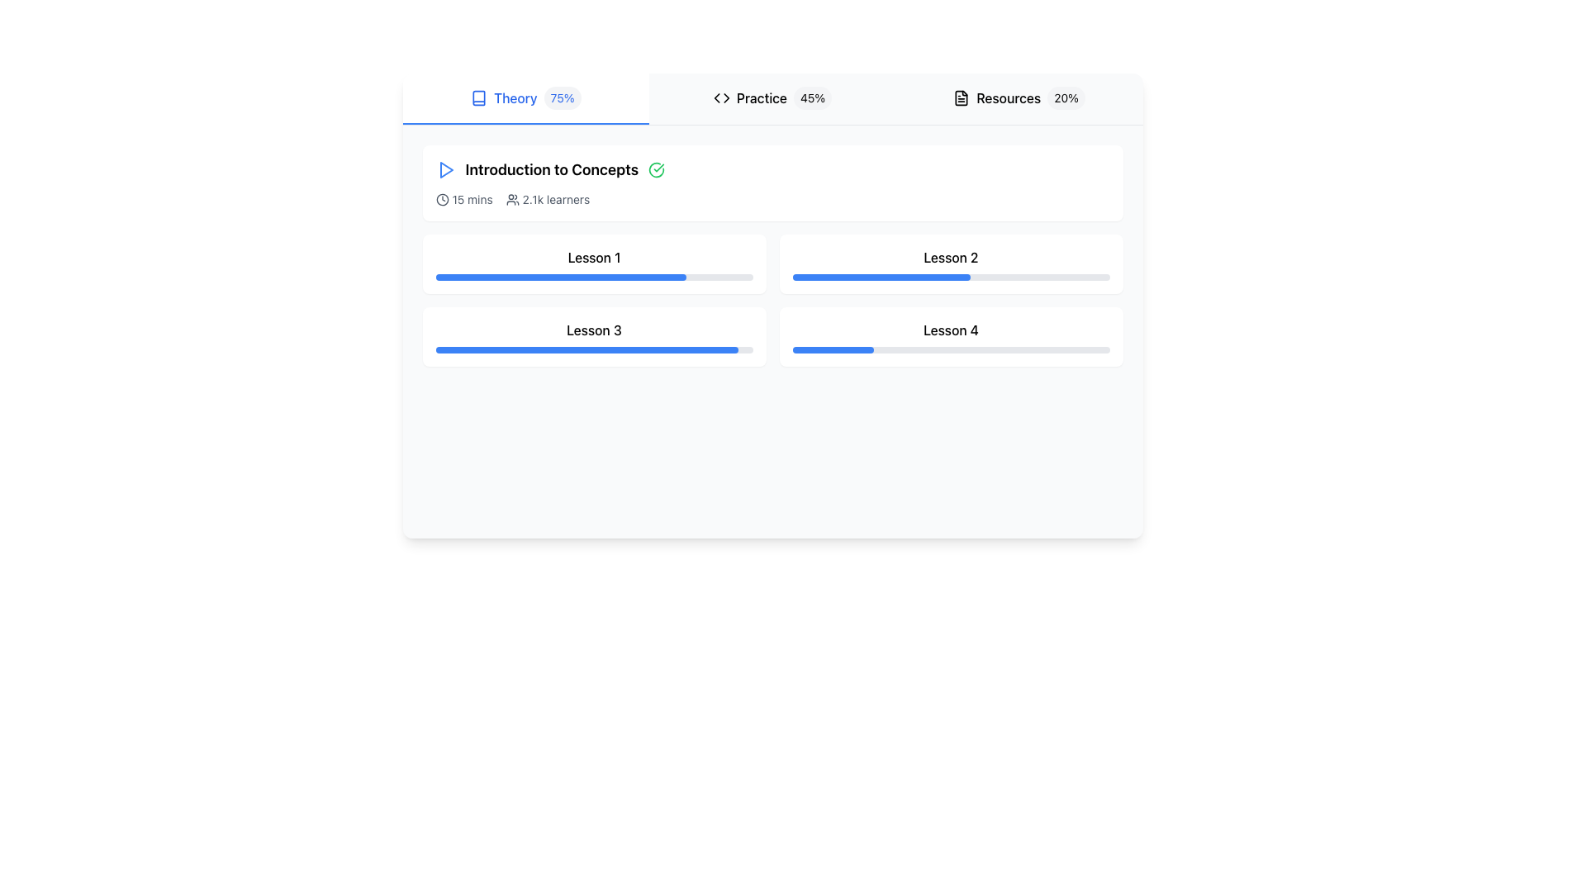  Describe the element at coordinates (463, 199) in the screenshot. I see `estimated time indicator located under the title 'Introduction to Concepts', which visually cues the duration for users. This element is positioned to the left of the text '2.1k learners'` at that location.